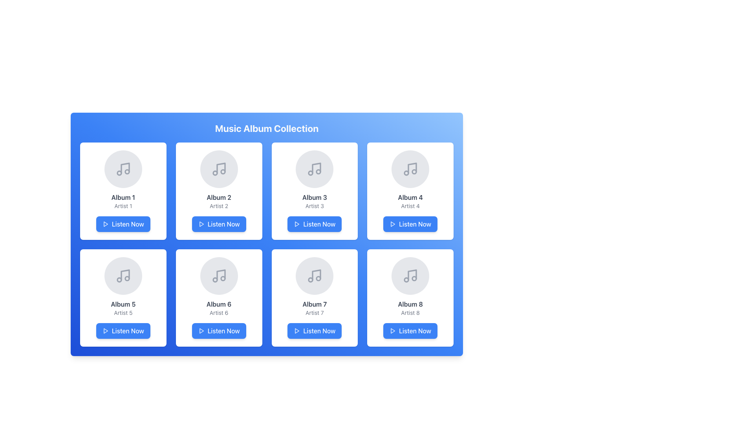 This screenshot has height=424, width=754. I want to click on the play button located at the bottom of the card displaying 'Album 7' and 'Artist 7' to play content, so click(315, 331).